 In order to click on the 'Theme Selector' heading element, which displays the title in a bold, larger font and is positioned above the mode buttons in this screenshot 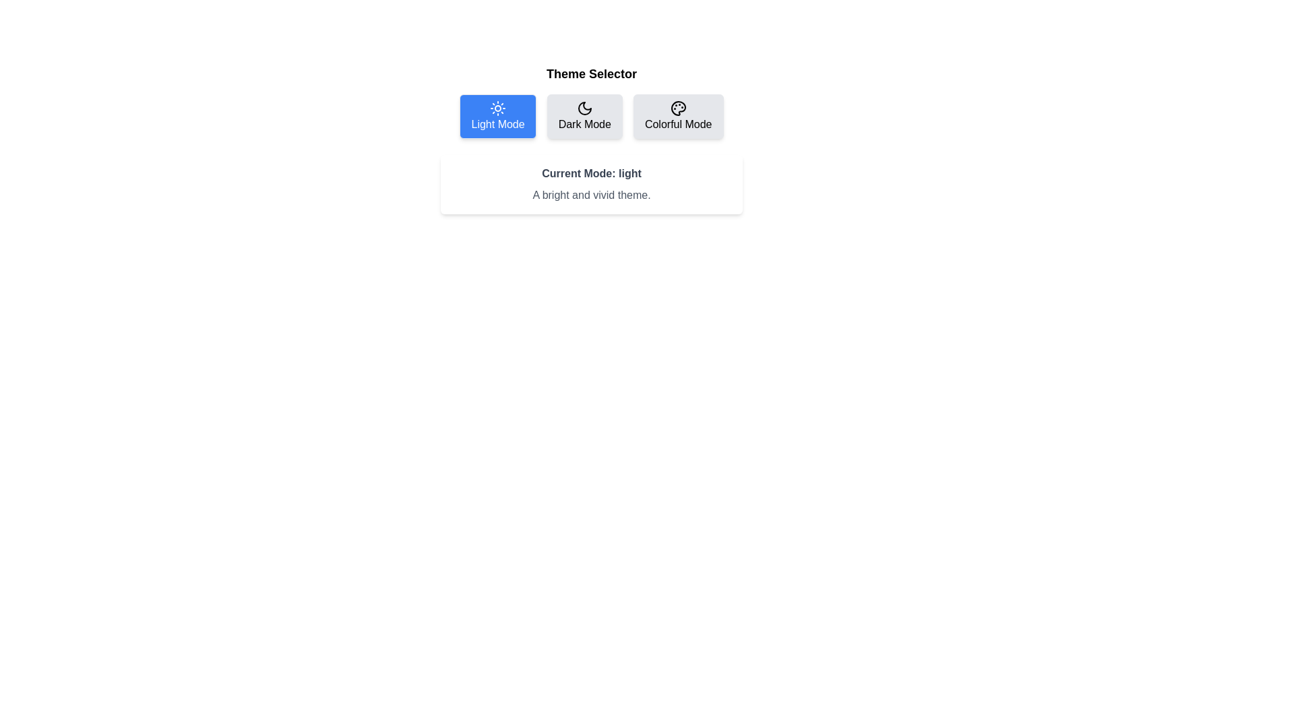, I will do `click(592, 74)`.